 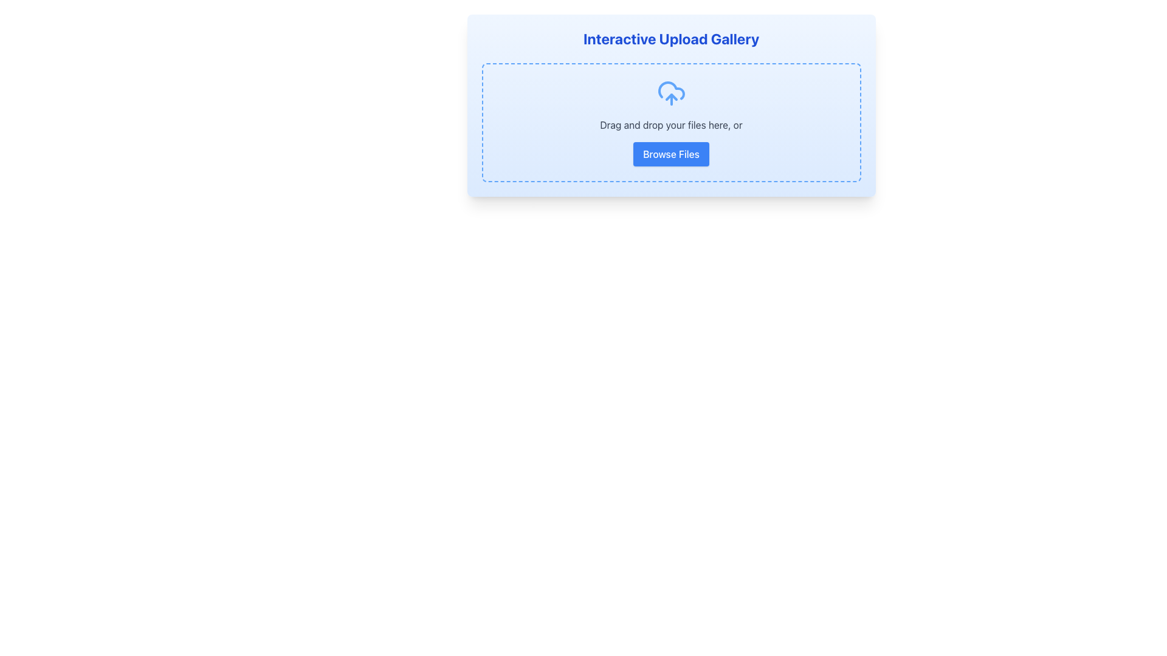 I want to click on the cloud-shaped upload icon with an upwards arrow inside it, which is centrally positioned above the 'Drag and drop your files here, or' text and below the 'Interactive Upload Gallery' section title, so click(x=670, y=93).